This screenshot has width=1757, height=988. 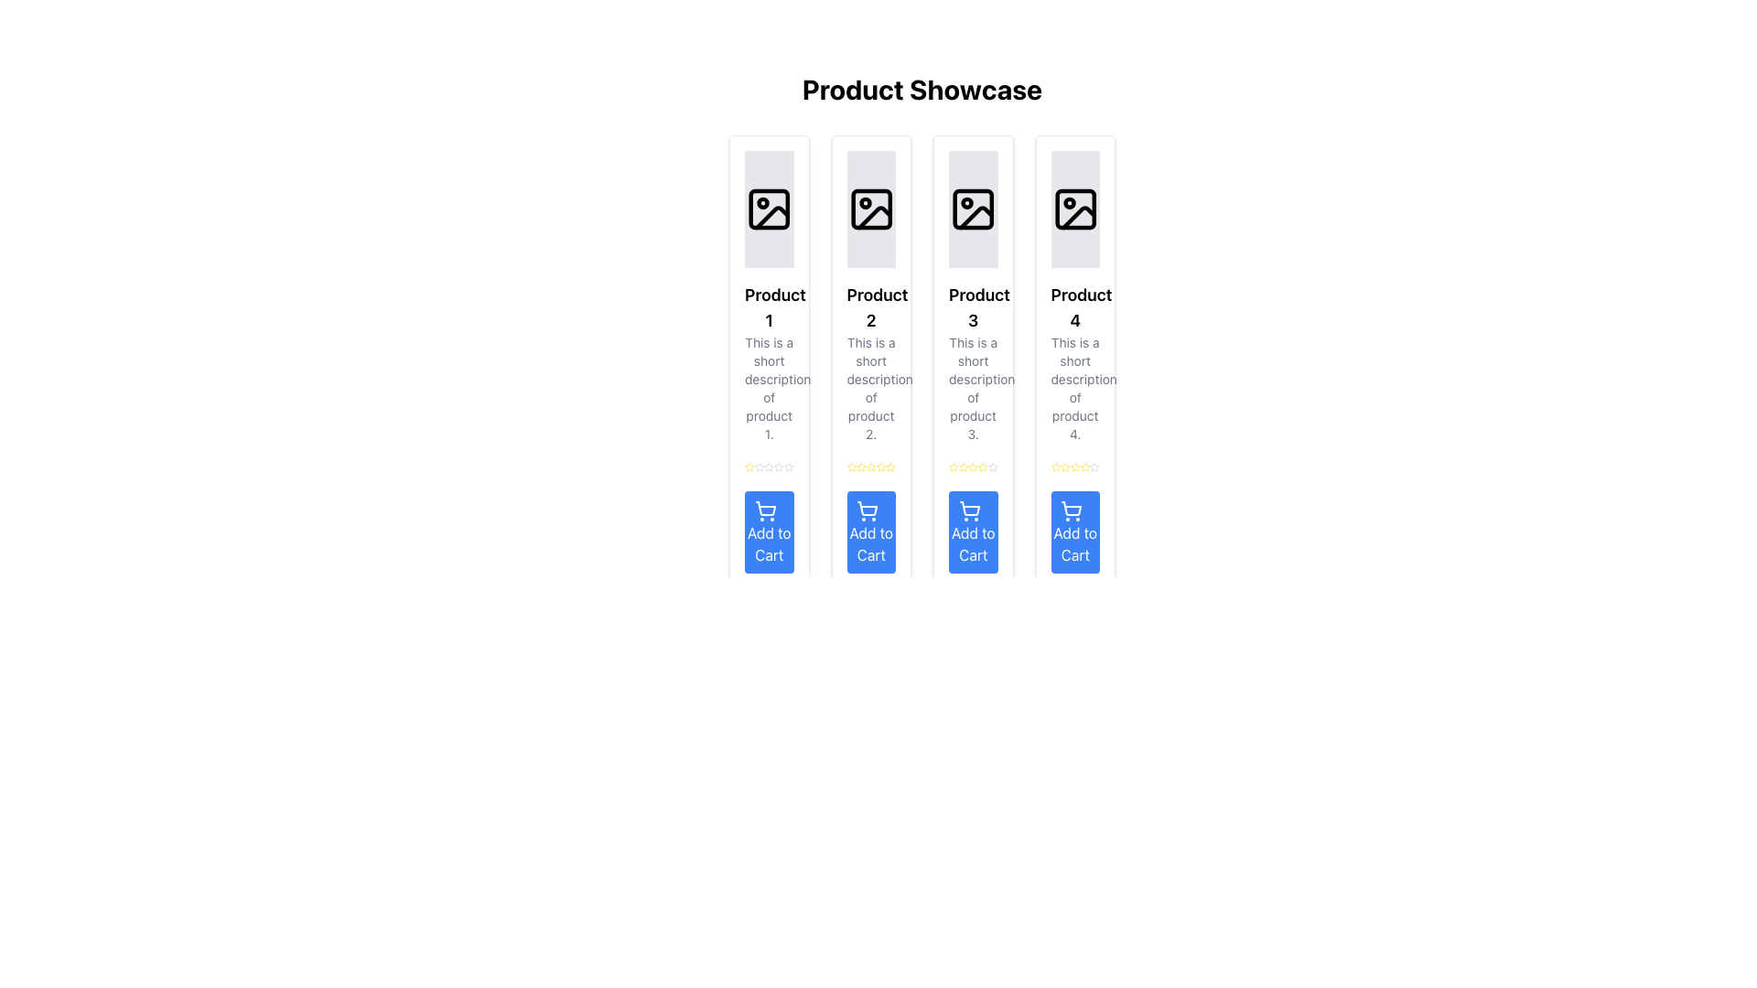 What do you see at coordinates (760, 466) in the screenshot?
I see `the second star-shaped icon in the rating section of the first product card, which is the leftmost card in the showcase` at bounding box center [760, 466].